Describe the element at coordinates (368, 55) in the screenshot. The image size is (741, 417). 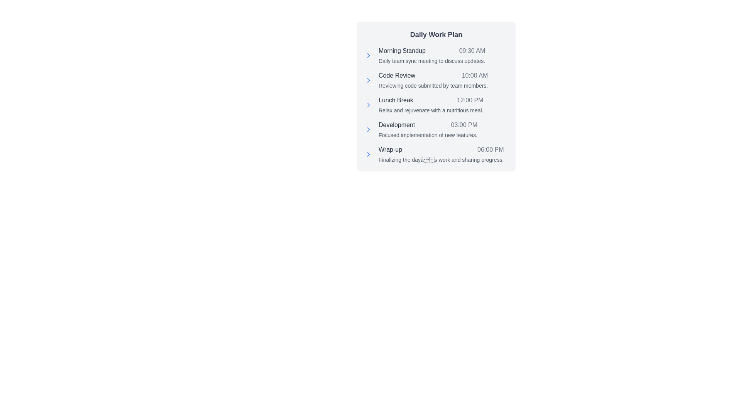
I see `the chevron icon next to the 'Morning Standup' item` at that location.